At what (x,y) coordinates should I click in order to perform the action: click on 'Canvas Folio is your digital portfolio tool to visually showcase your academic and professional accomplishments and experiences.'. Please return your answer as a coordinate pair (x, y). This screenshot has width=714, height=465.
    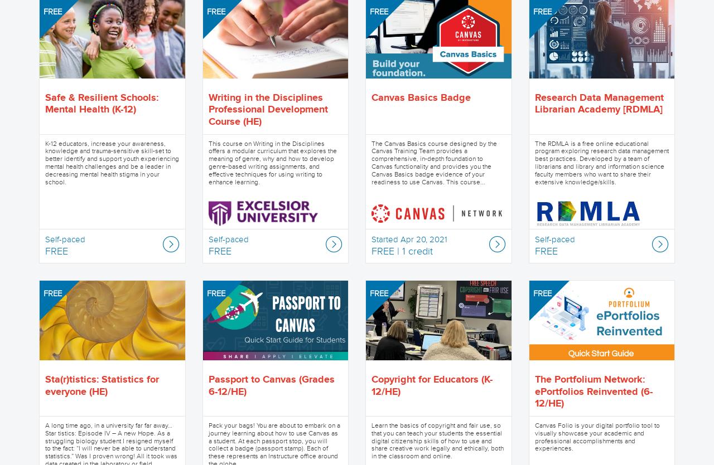
    Looking at the image, I should click on (596, 436).